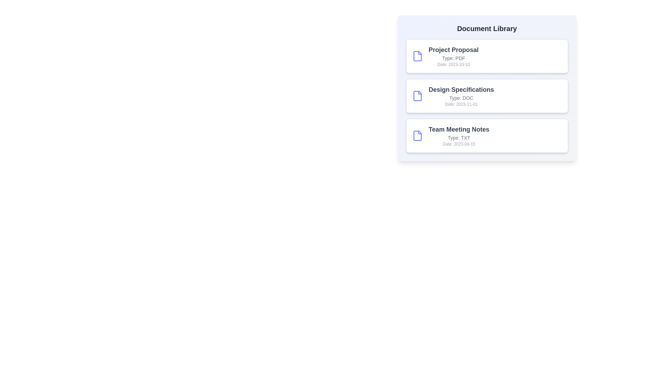 The height and width of the screenshot is (377, 671). I want to click on the document card corresponding to Design Specifications, so click(486, 96).